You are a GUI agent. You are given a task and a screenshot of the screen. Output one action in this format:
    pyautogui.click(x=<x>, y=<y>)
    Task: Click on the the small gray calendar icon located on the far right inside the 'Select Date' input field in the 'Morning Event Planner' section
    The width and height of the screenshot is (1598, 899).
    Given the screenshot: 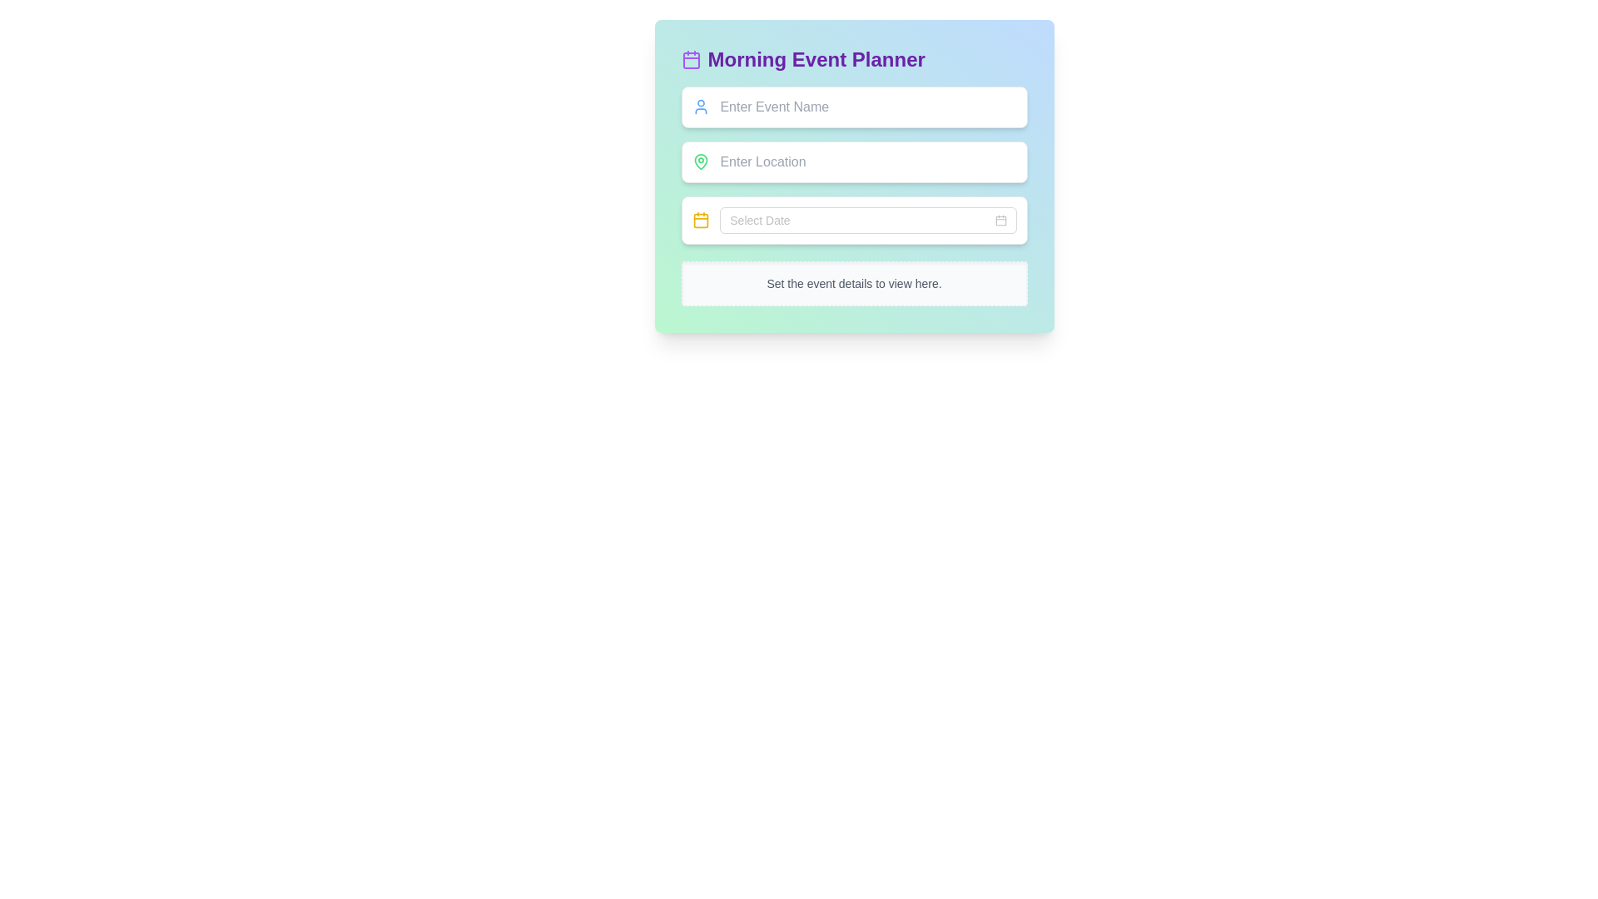 What is the action you would take?
    pyautogui.click(x=1000, y=220)
    